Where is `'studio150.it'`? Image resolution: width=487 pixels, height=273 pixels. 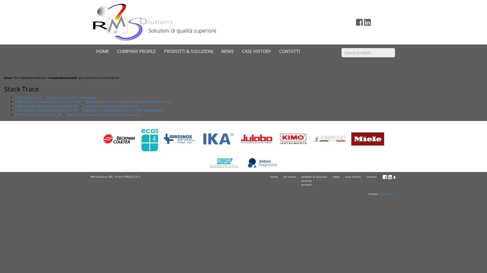 'studio150.it' is located at coordinates (387, 193).